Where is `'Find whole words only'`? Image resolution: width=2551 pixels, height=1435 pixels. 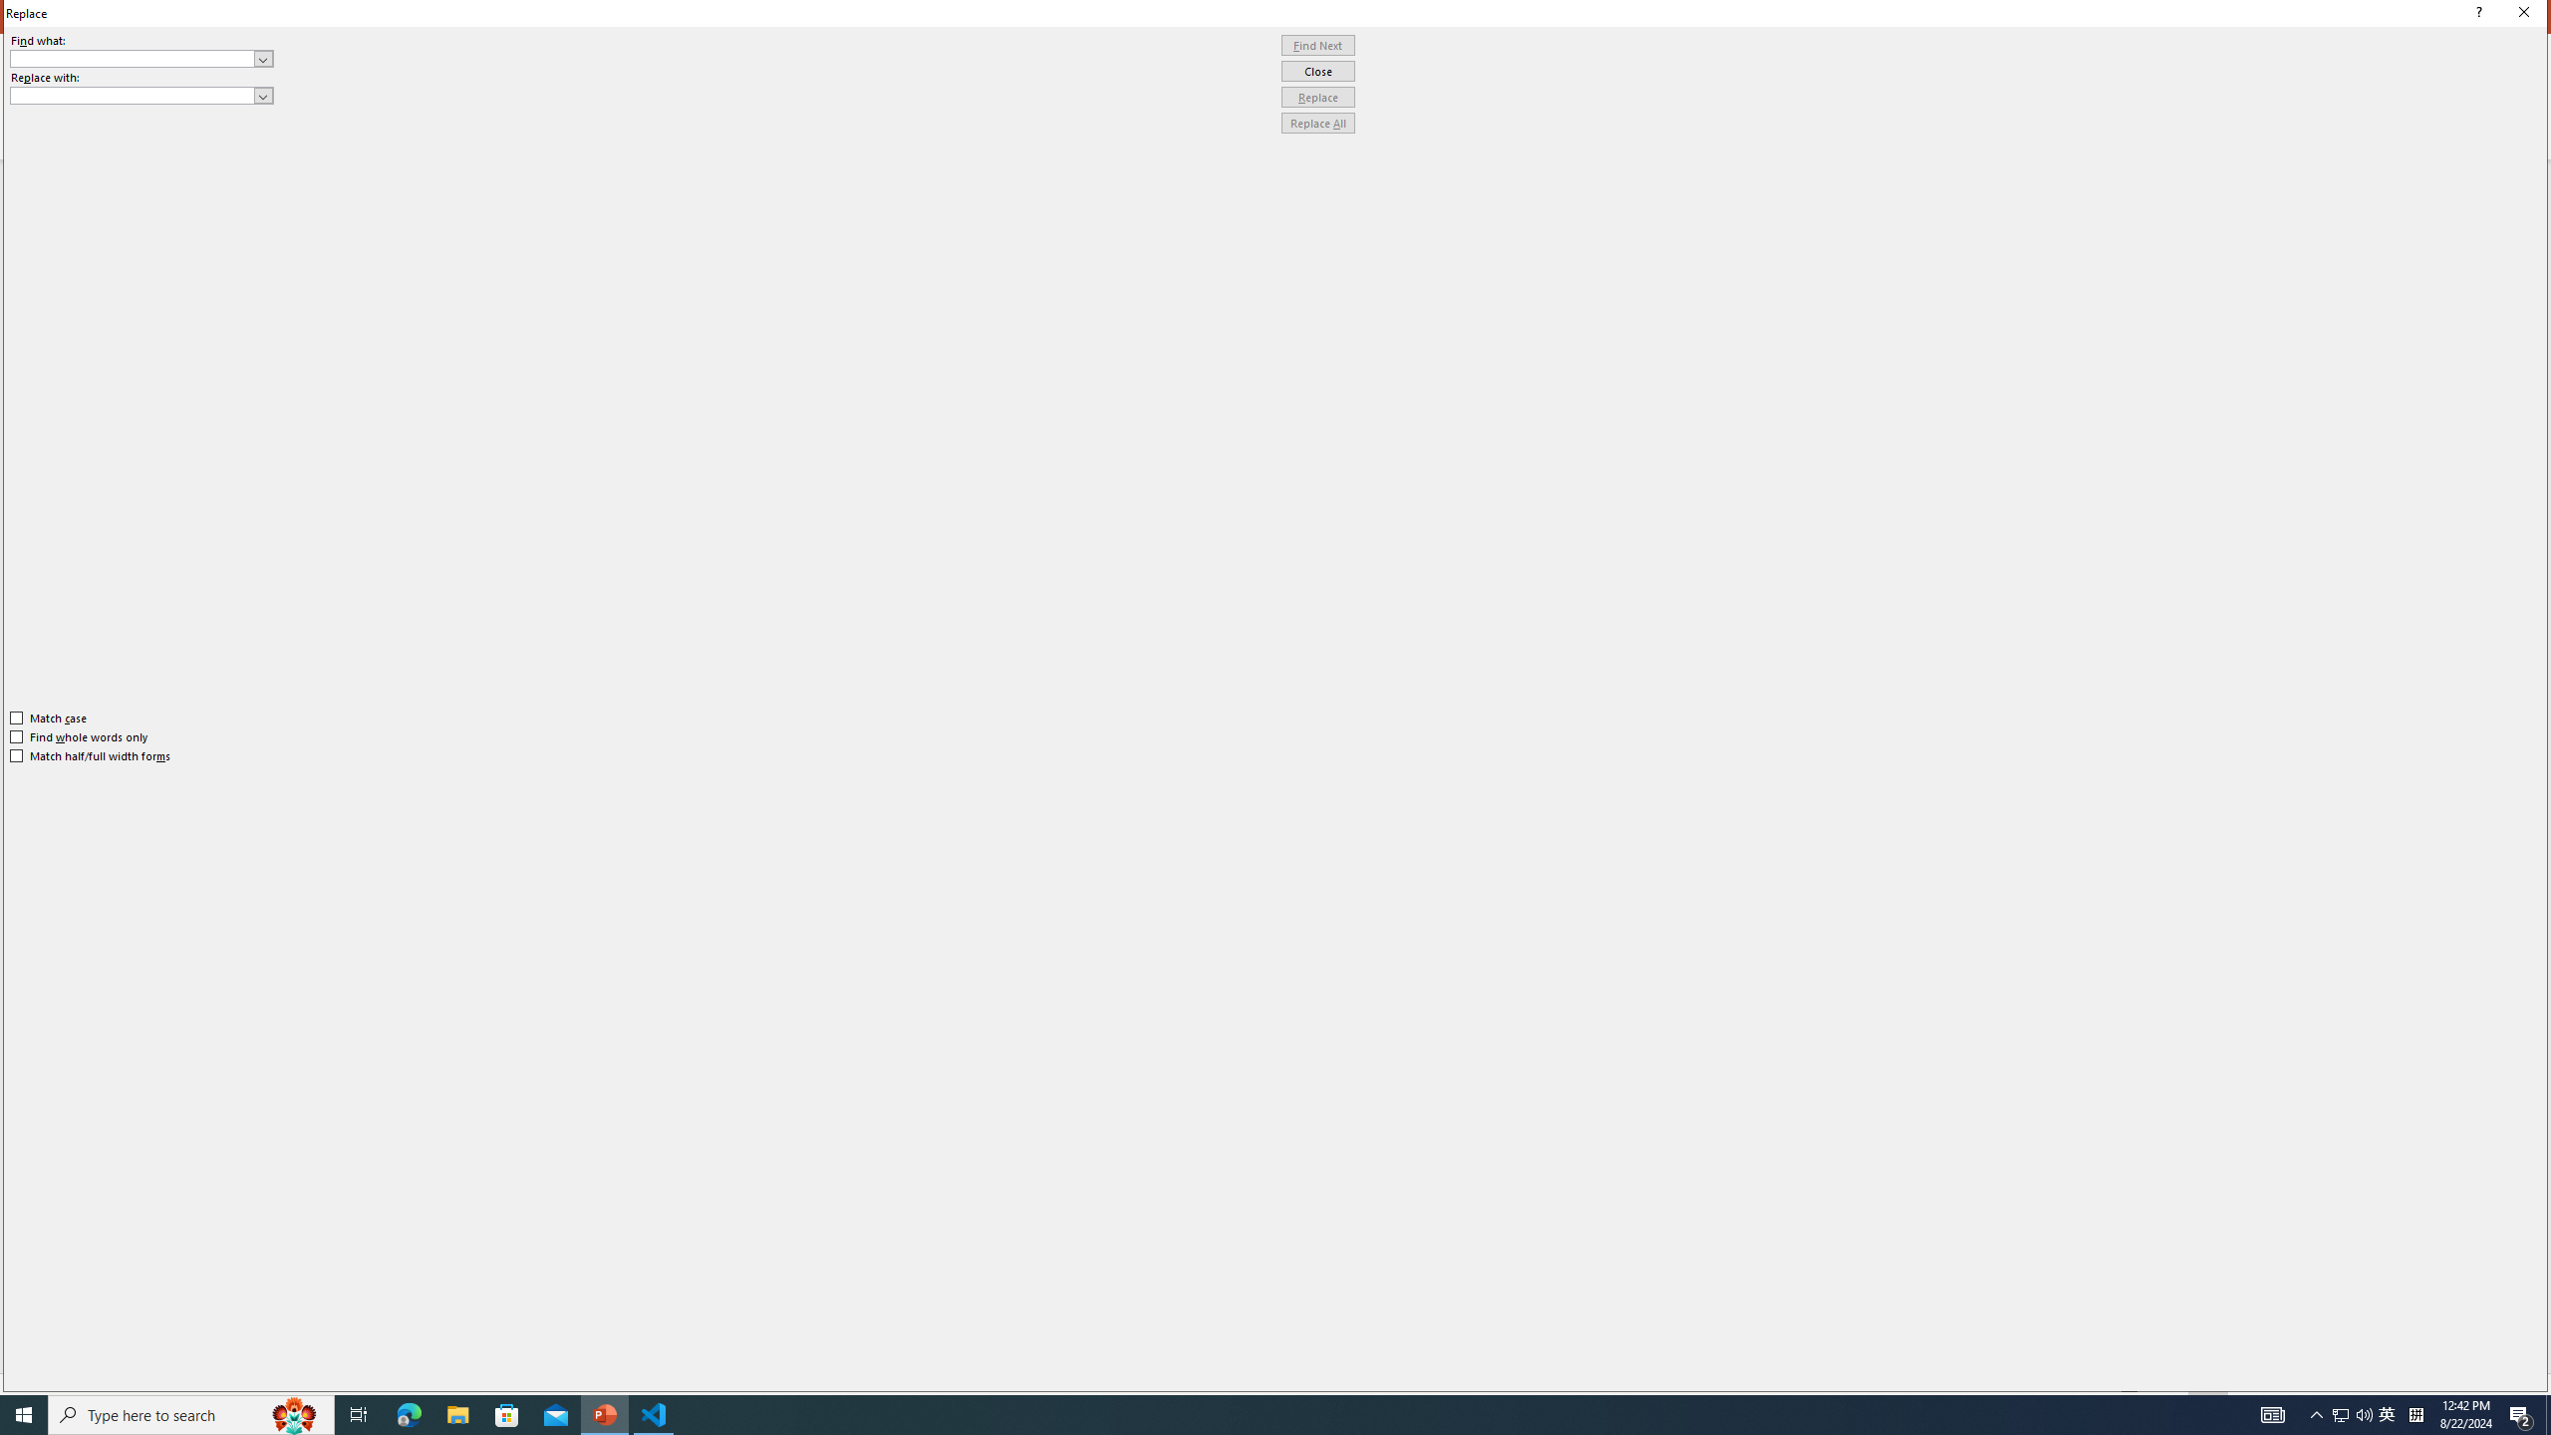
'Find whole words only' is located at coordinates (80, 736).